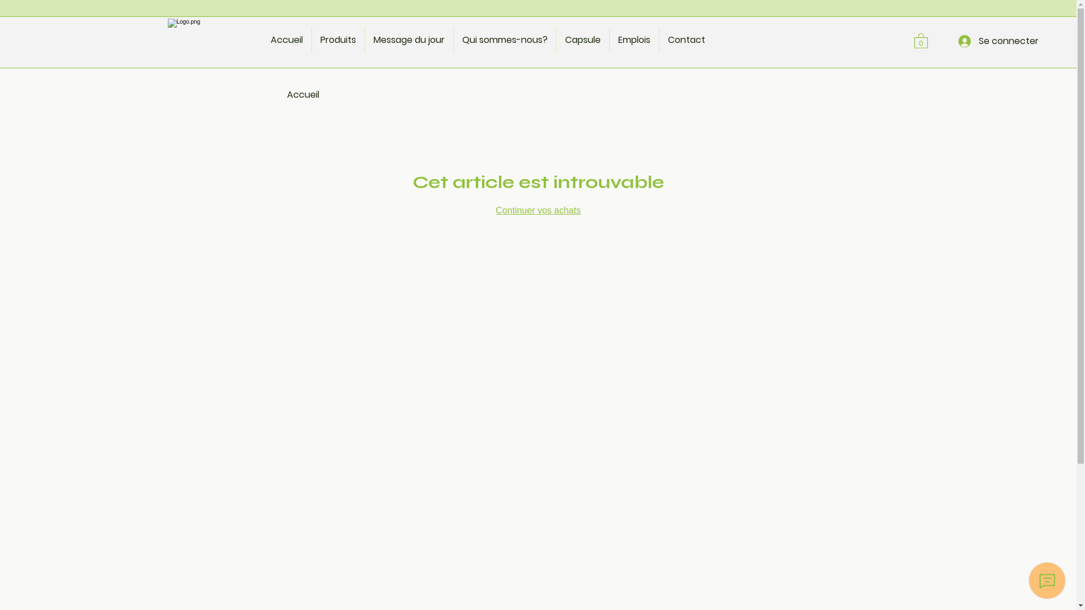  I want to click on 'Contact', so click(659, 39).